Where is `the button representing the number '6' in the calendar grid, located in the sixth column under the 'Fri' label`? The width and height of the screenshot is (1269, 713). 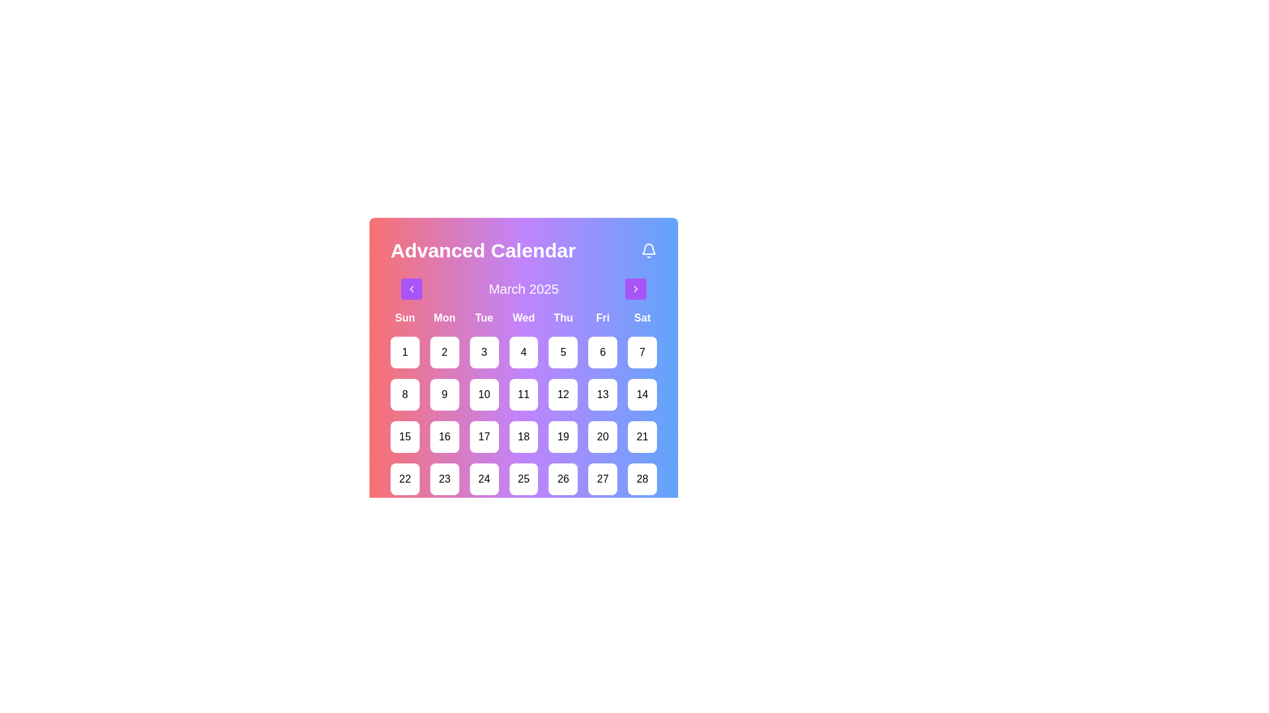 the button representing the number '6' in the calendar grid, located in the sixth column under the 'Fri' label is located at coordinates (602, 351).